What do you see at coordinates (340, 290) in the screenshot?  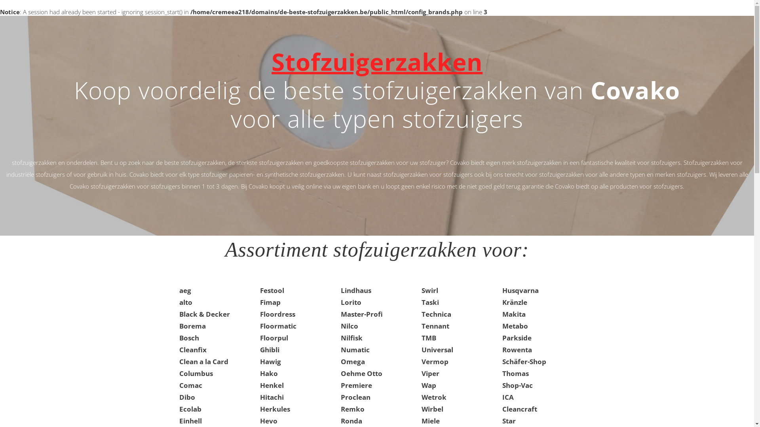 I see `'Lindhaus'` at bounding box center [340, 290].